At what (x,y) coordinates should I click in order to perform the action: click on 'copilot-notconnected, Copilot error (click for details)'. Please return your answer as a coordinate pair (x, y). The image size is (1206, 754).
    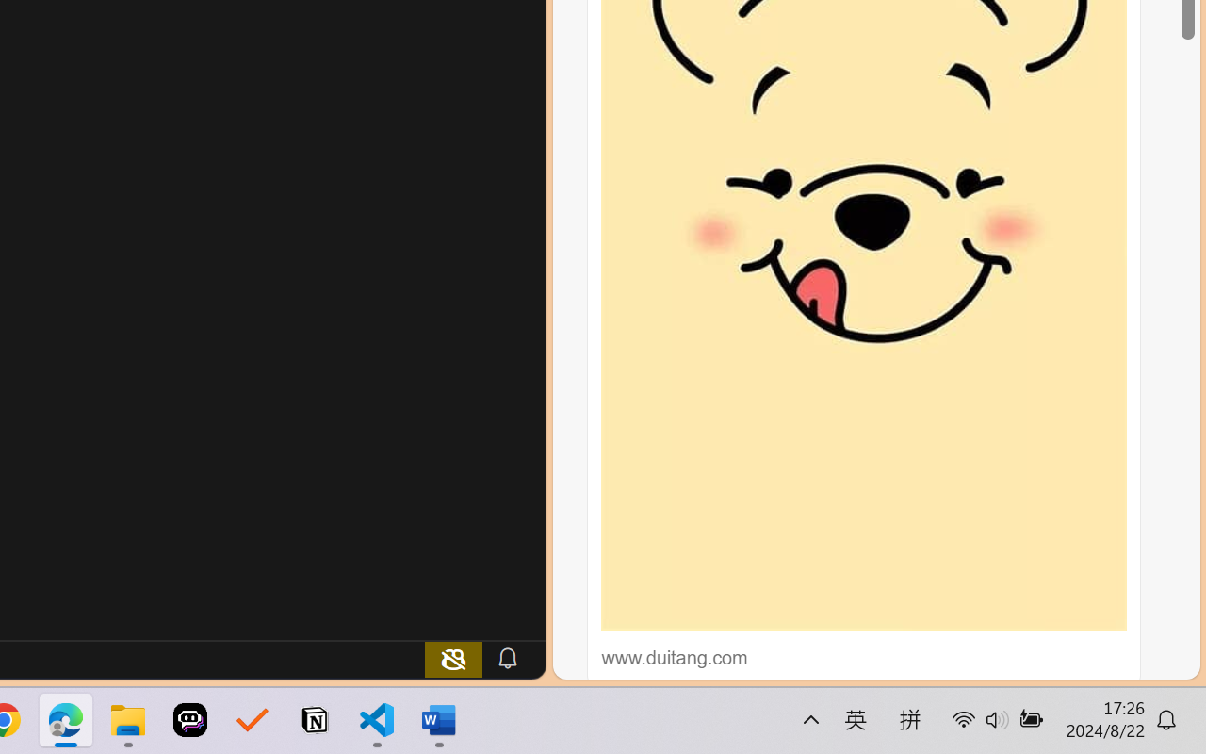
    Looking at the image, I should click on (453, 658).